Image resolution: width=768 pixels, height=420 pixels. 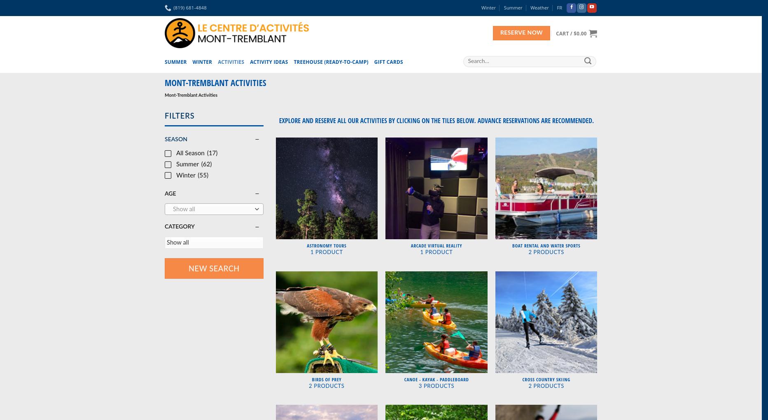 I want to click on 'Cross Country Skiing', so click(x=546, y=379).